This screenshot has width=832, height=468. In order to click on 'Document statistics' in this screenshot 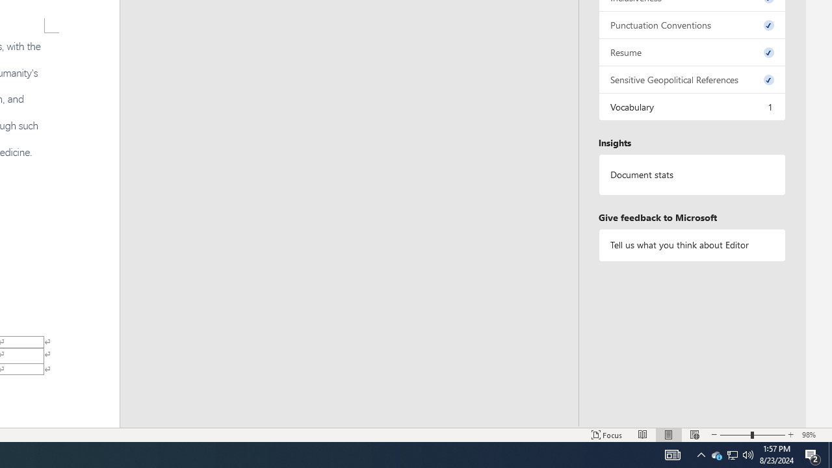, I will do `click(691, 174)`.